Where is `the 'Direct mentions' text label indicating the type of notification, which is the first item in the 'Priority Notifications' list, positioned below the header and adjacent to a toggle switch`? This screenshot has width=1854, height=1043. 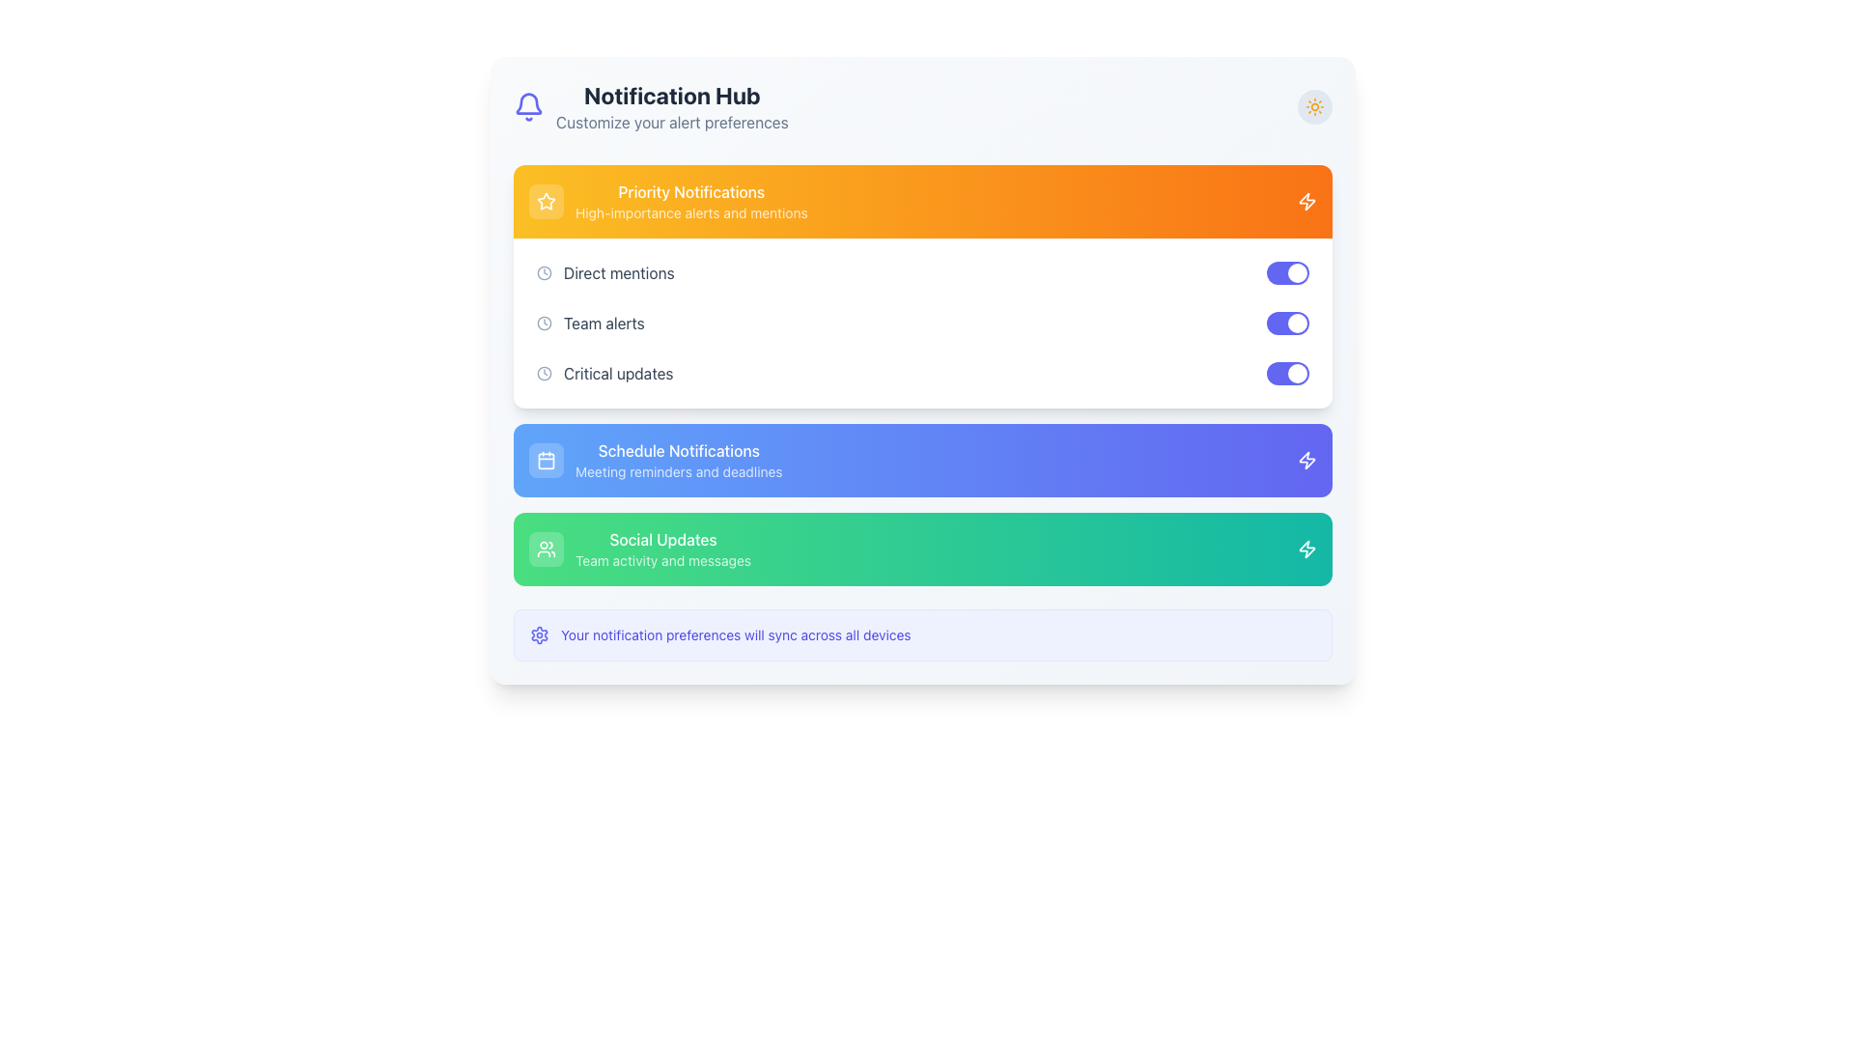 the 'Direct mentions' text label indicating the type of notification, which is the first item in the 'Priority Notifications' list, positioned below the header and adjacent to a toggle switch is located at coordinates (619, 272).